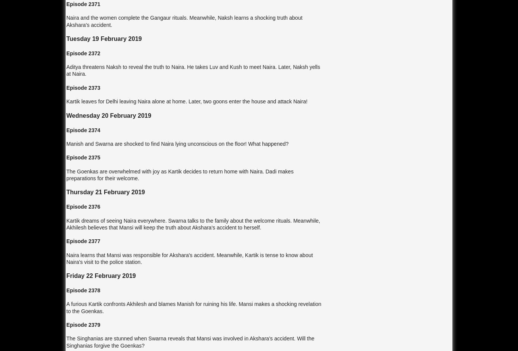  Describe the element at coordinates (193, 223) in the screenshot. I see `'Kartik dreams of seeing Naira everywhere. Swarna talks to the family about the welcome rituals. Meanwhile, Akhilesh believes that Mansi will keep the truth about Akshara's accident to herself.'` at that location.